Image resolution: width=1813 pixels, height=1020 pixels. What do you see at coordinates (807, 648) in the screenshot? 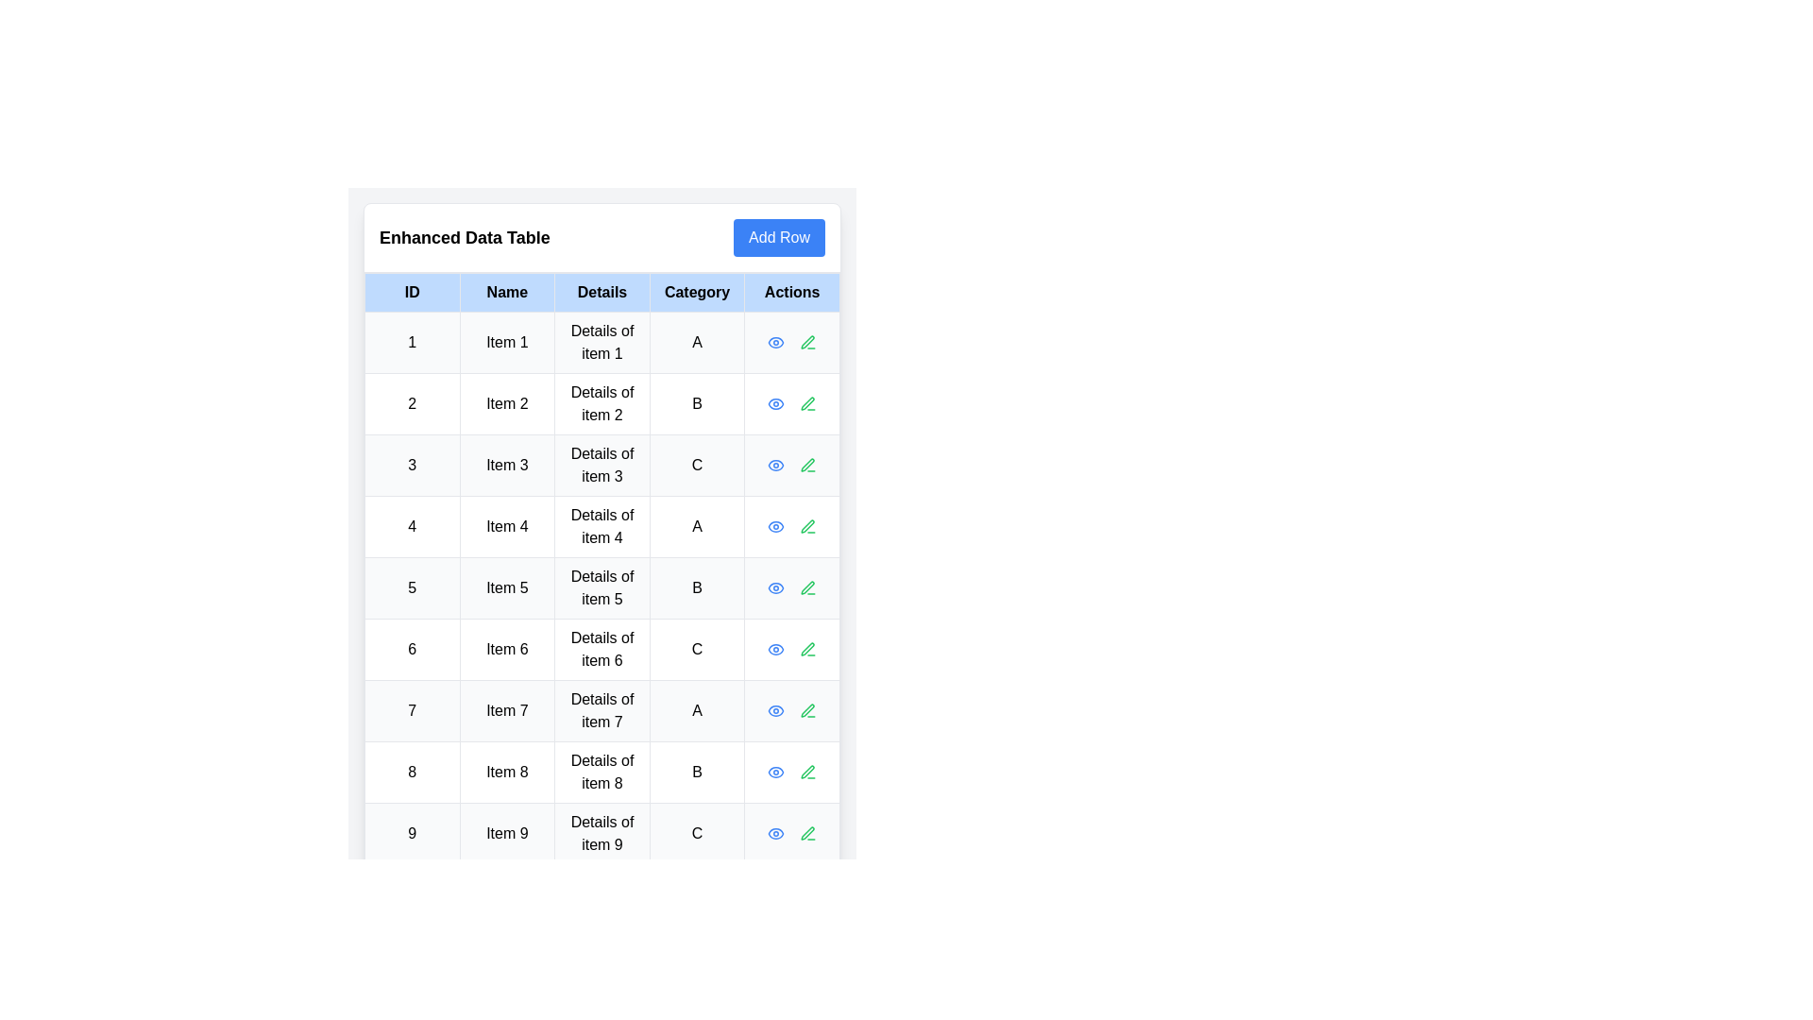
I see `the Pen or Edit Icon, which is a green icon resembling a writing instrument located in the 'Actions' column of the sixth row of the data table, positioned second to the right of the viewing symbol` at bounding box center [807, 648].